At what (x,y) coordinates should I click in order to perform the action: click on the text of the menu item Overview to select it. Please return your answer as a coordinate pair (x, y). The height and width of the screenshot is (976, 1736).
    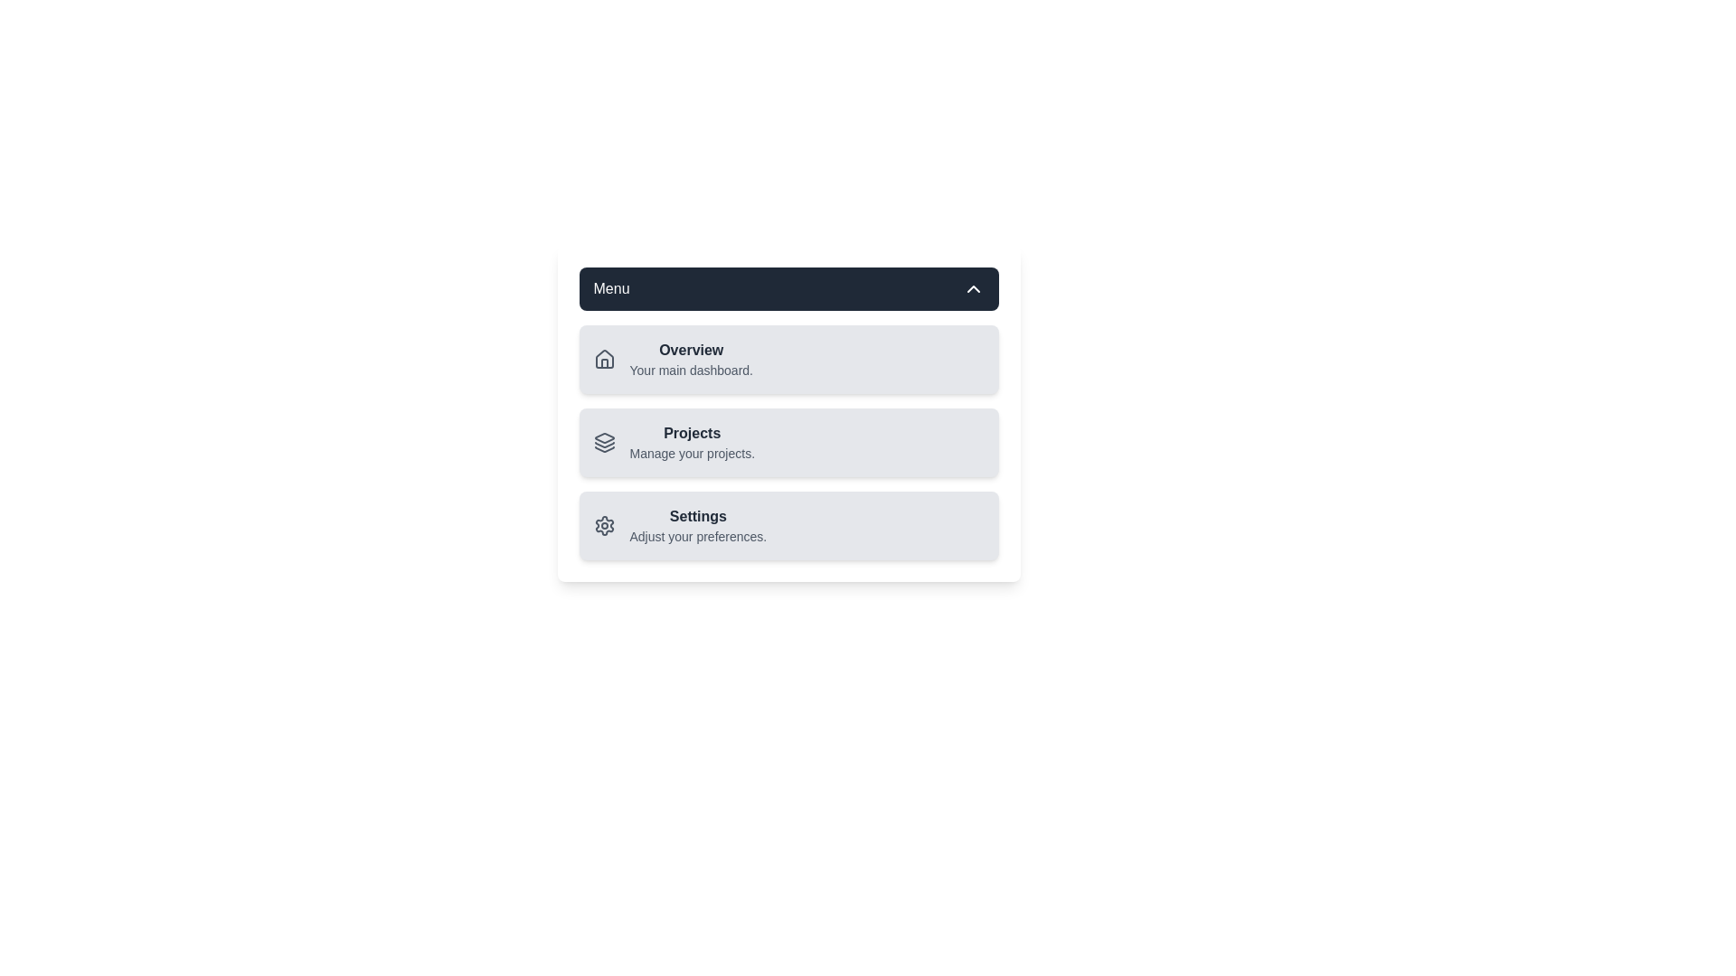
    Looking at the image, I should click on (690, 351).